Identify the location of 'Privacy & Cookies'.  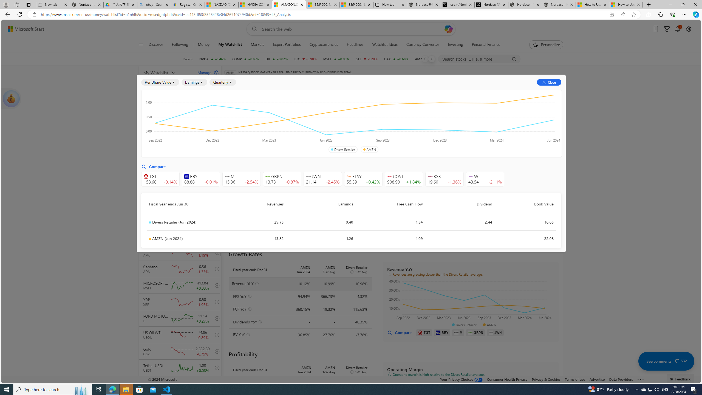
(545, 379).